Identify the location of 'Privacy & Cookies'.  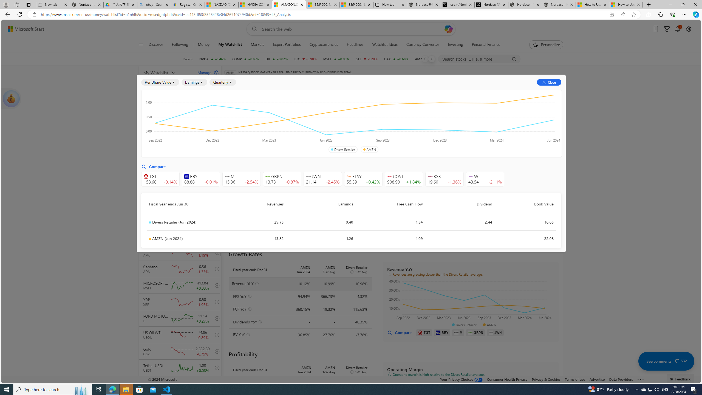
(545, 379).